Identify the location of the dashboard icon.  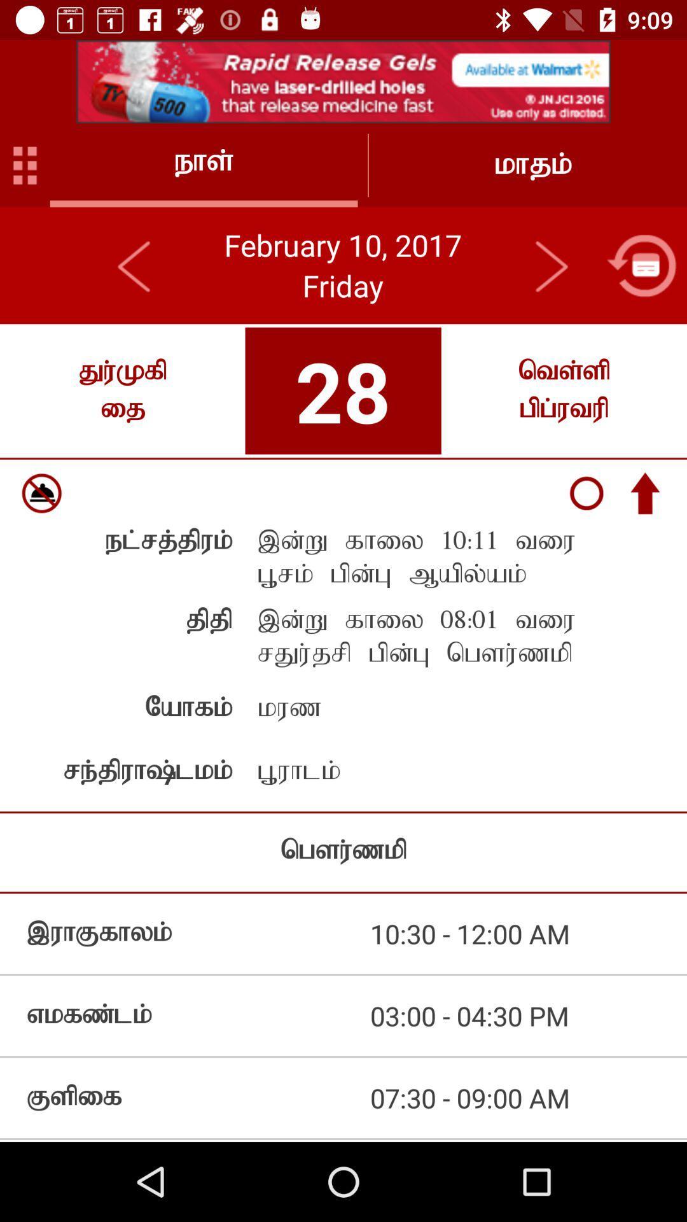
(25, 164).